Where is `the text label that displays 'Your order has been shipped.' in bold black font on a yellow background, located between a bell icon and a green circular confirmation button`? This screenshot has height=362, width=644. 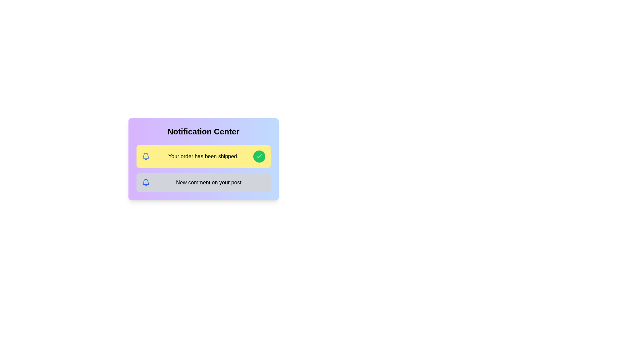
the text label that displays 'Your order has been shipped.' in bold black font on a yellow background, located between a bell icon and a green circular confirmation button is located at coordinates (203, 156).